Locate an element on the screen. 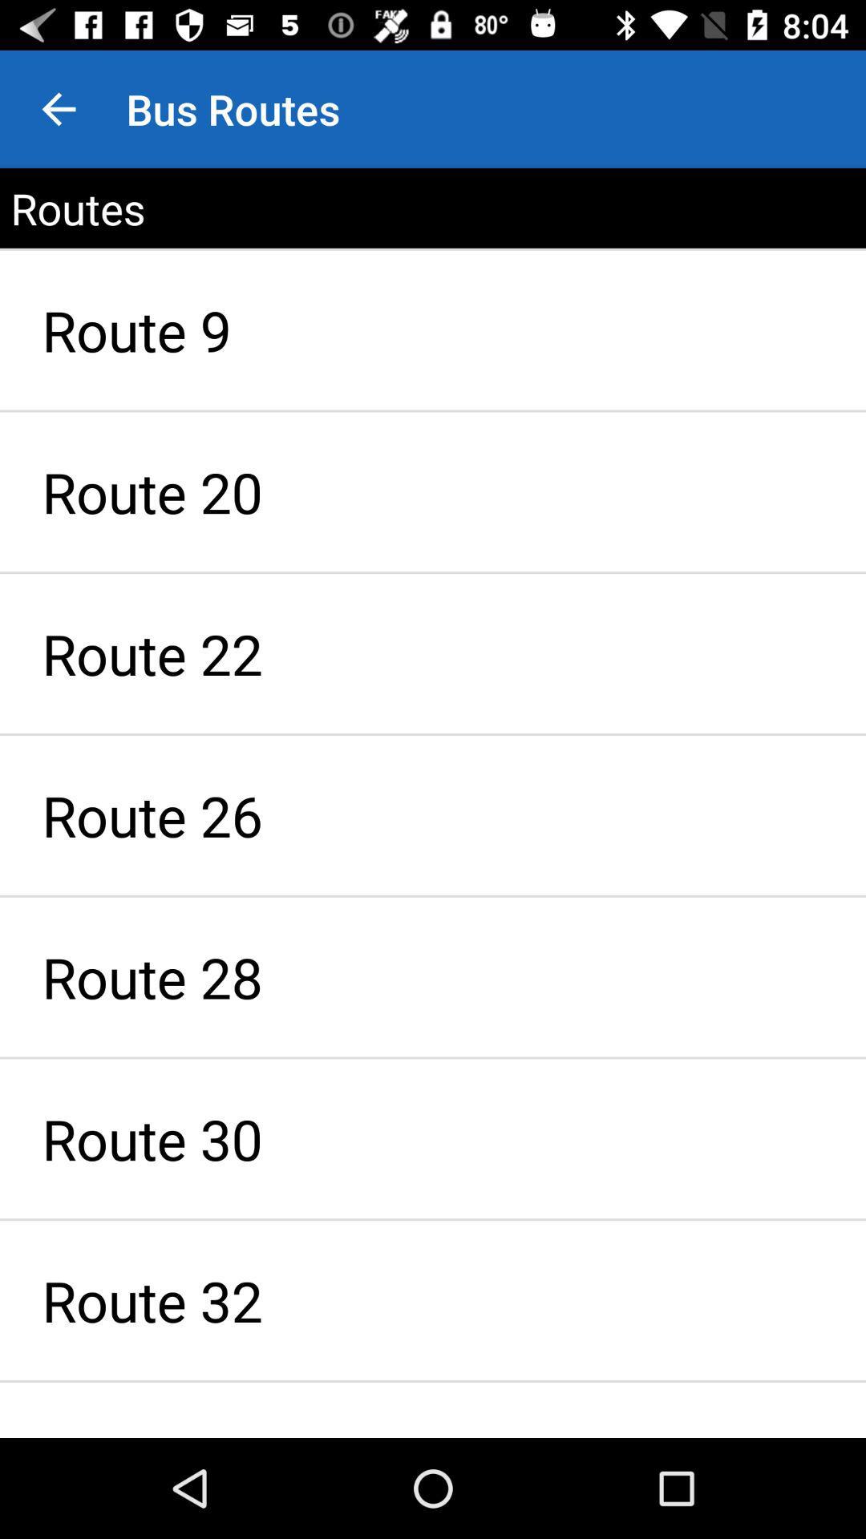 This screenshot has height=1539, width=866. the route 22 is located at coordinates (433, 653).